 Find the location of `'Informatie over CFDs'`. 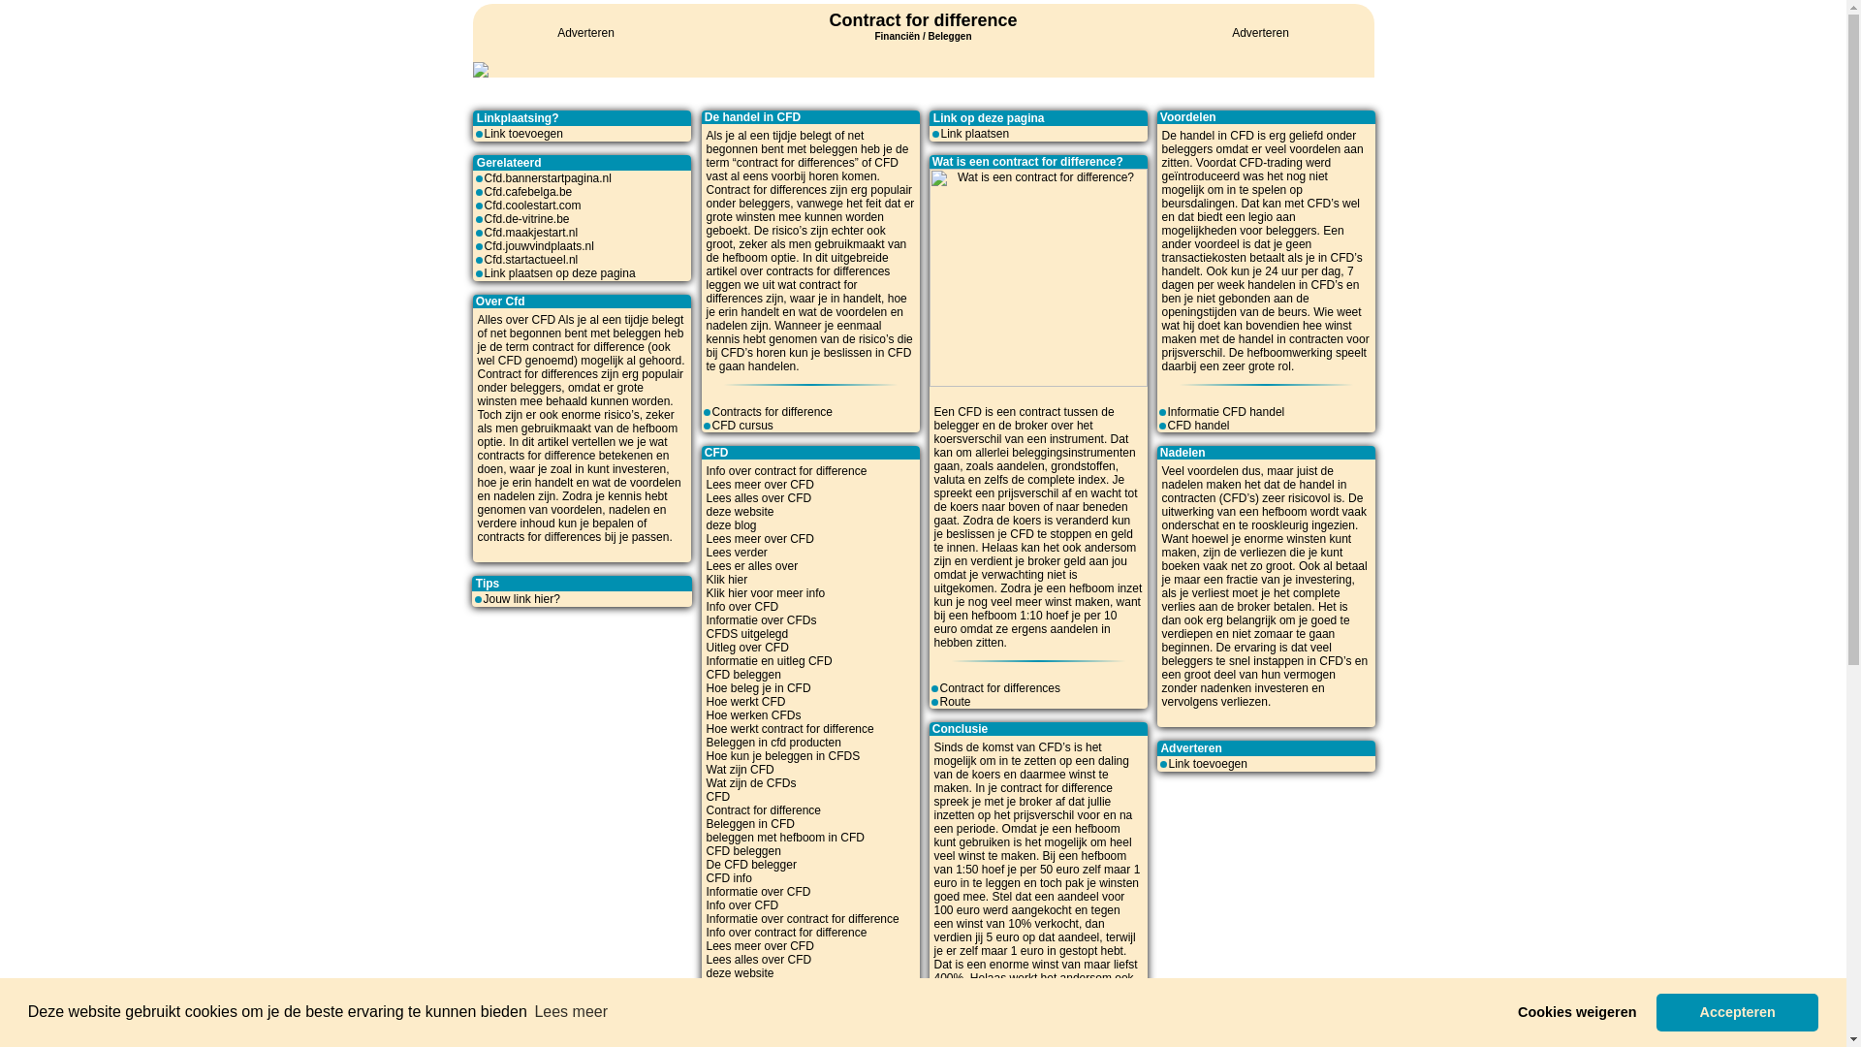

'Informatie over CFDs' is located at coordinates (705, 620).